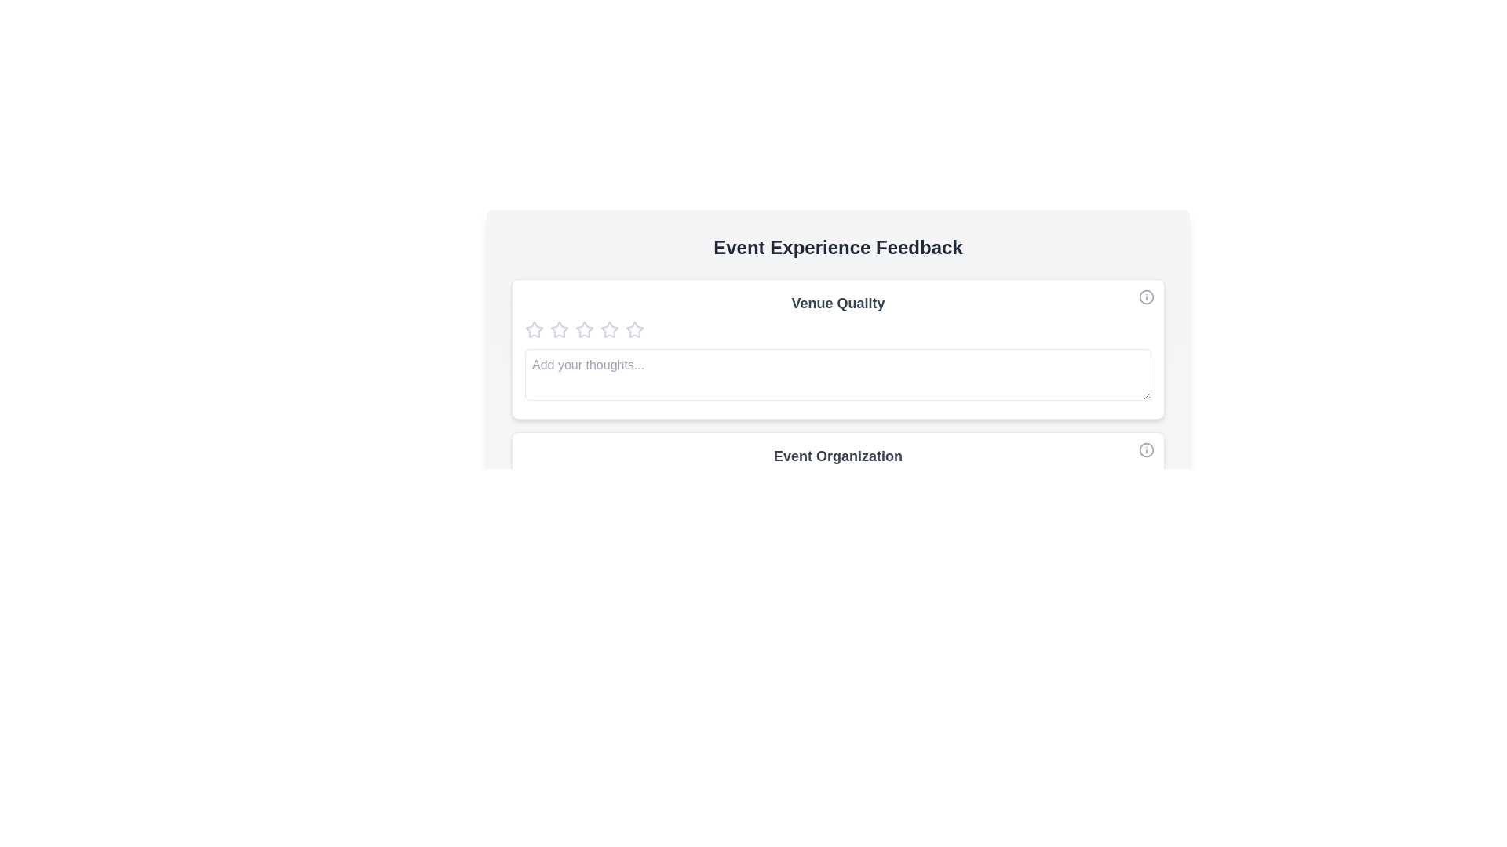 This screenshot has width=1507, height=847. Describe the element at coordinates (558, 329) in the screenshot. I see `the second star icon in the rating system for 'Venue Quality'` at that location.